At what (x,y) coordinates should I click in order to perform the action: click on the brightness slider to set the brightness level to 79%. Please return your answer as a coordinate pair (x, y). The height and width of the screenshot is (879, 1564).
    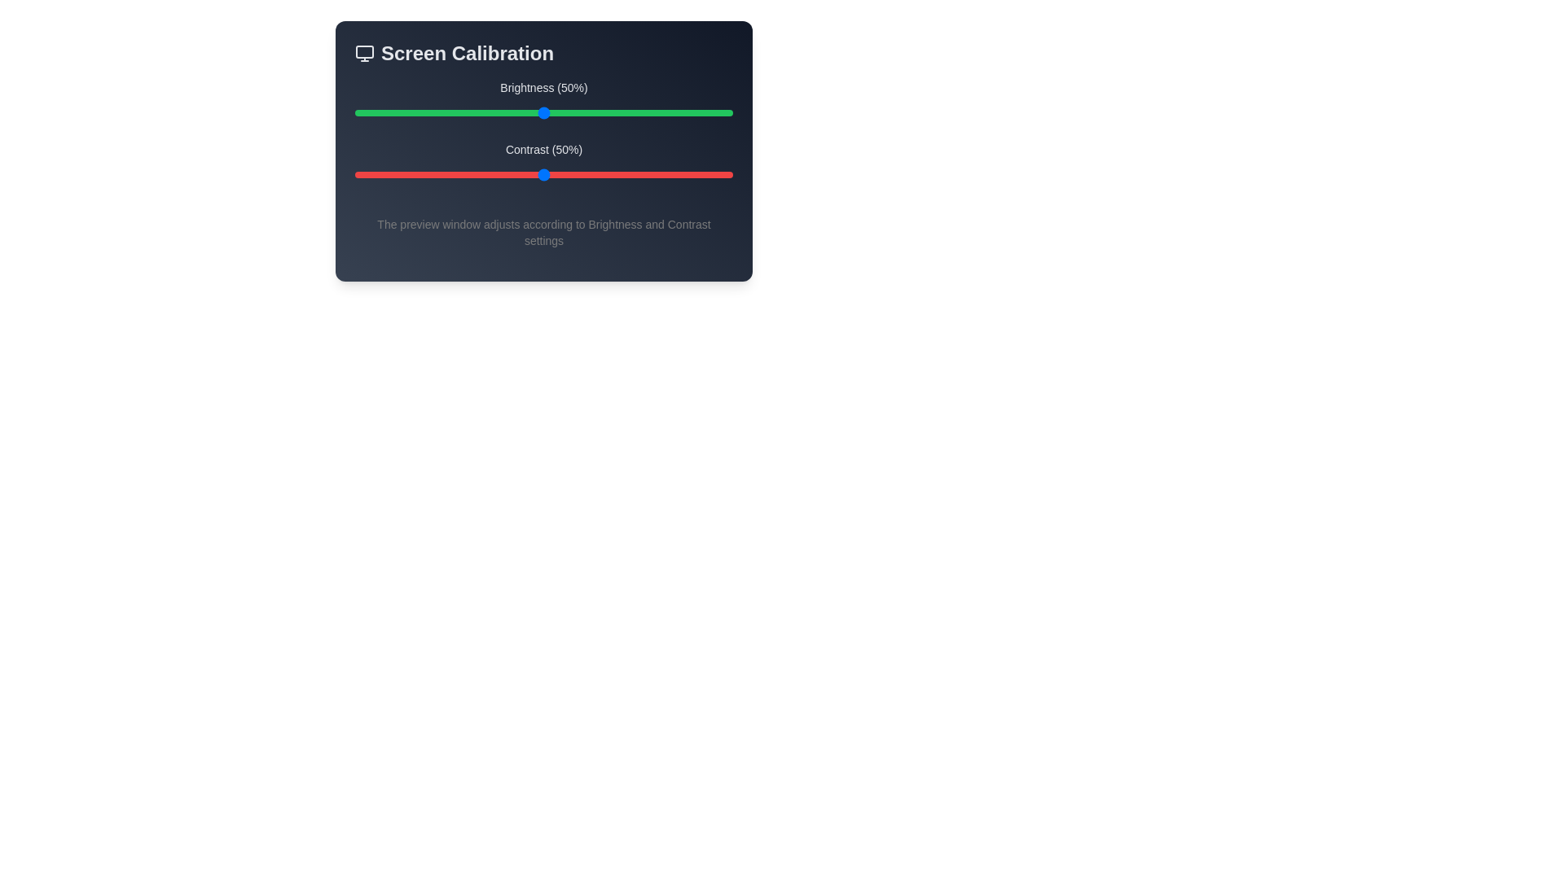
    Looking at the image, I should click on (653, 112).